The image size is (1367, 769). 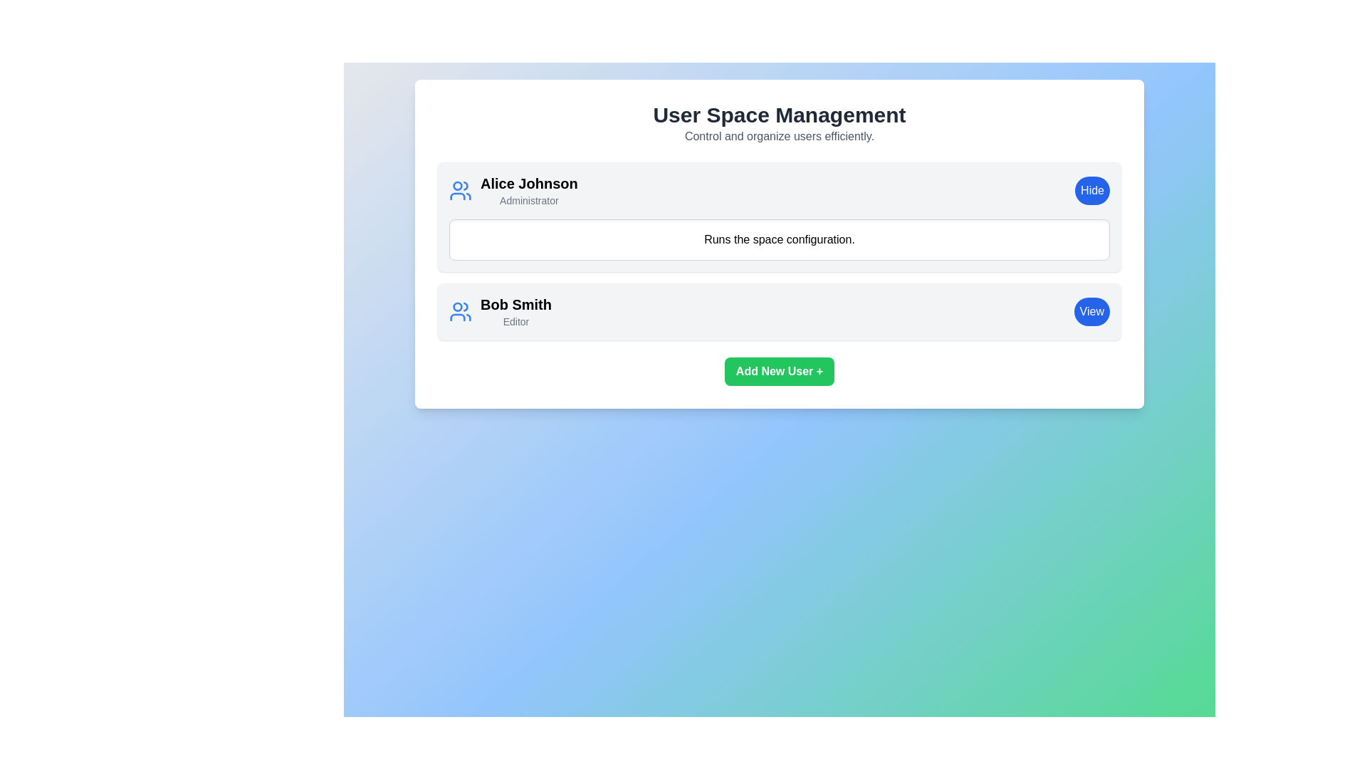 I want to click on the blue-colored icon resembling two stylized people, located next to 'Alice Johnson Administrator' in the top section of the list entry, so click(x=461, y=189).